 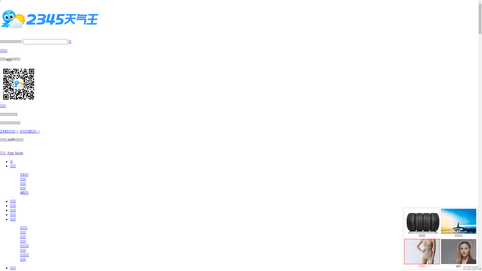 I want to click on 'App Store', so click(x=7, y=153).